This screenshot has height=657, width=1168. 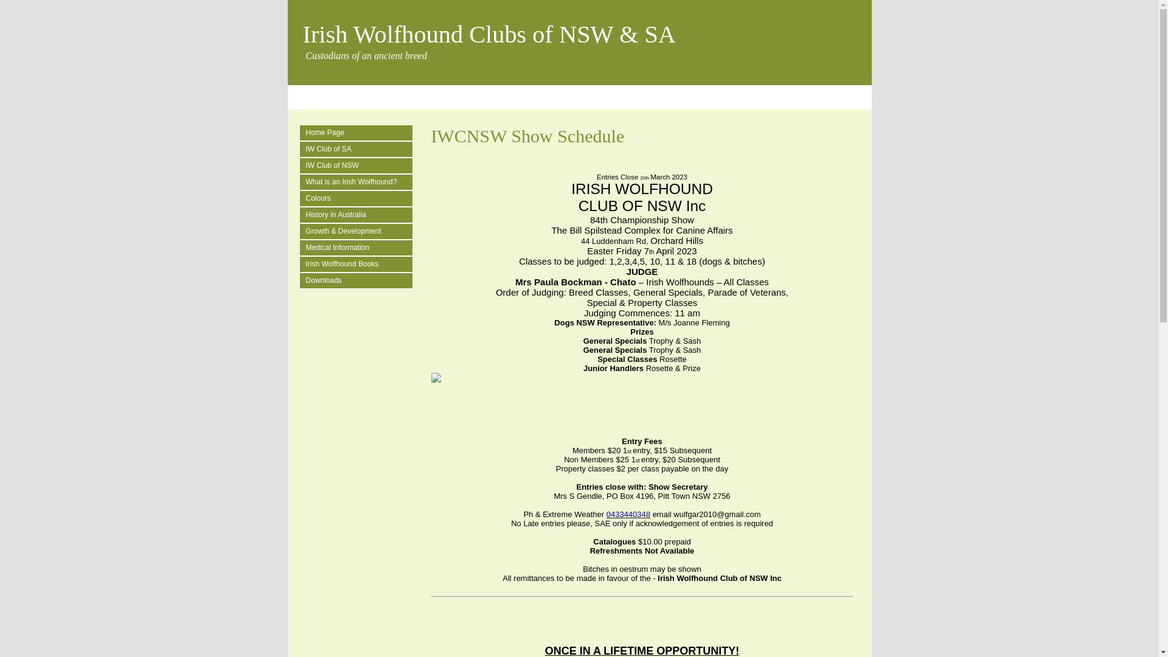 I want to click on 'Home Page', so click(x=358, y=133).